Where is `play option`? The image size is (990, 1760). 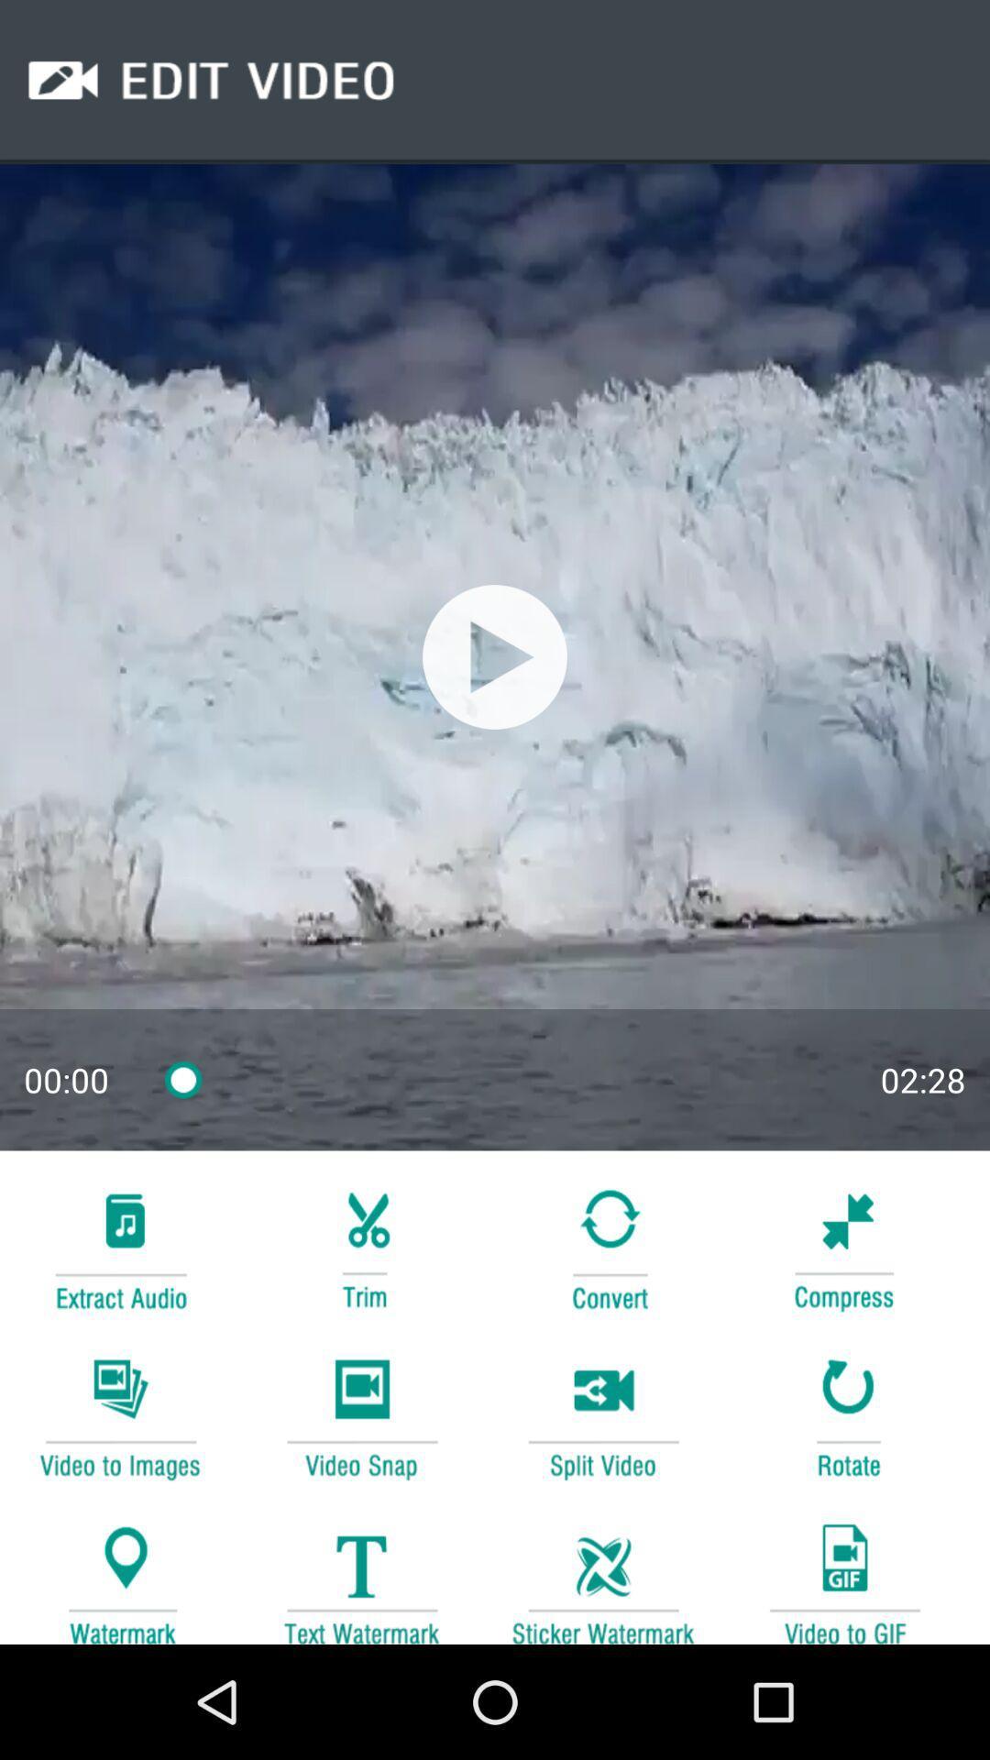 play option is located at coordinates (495, 656).